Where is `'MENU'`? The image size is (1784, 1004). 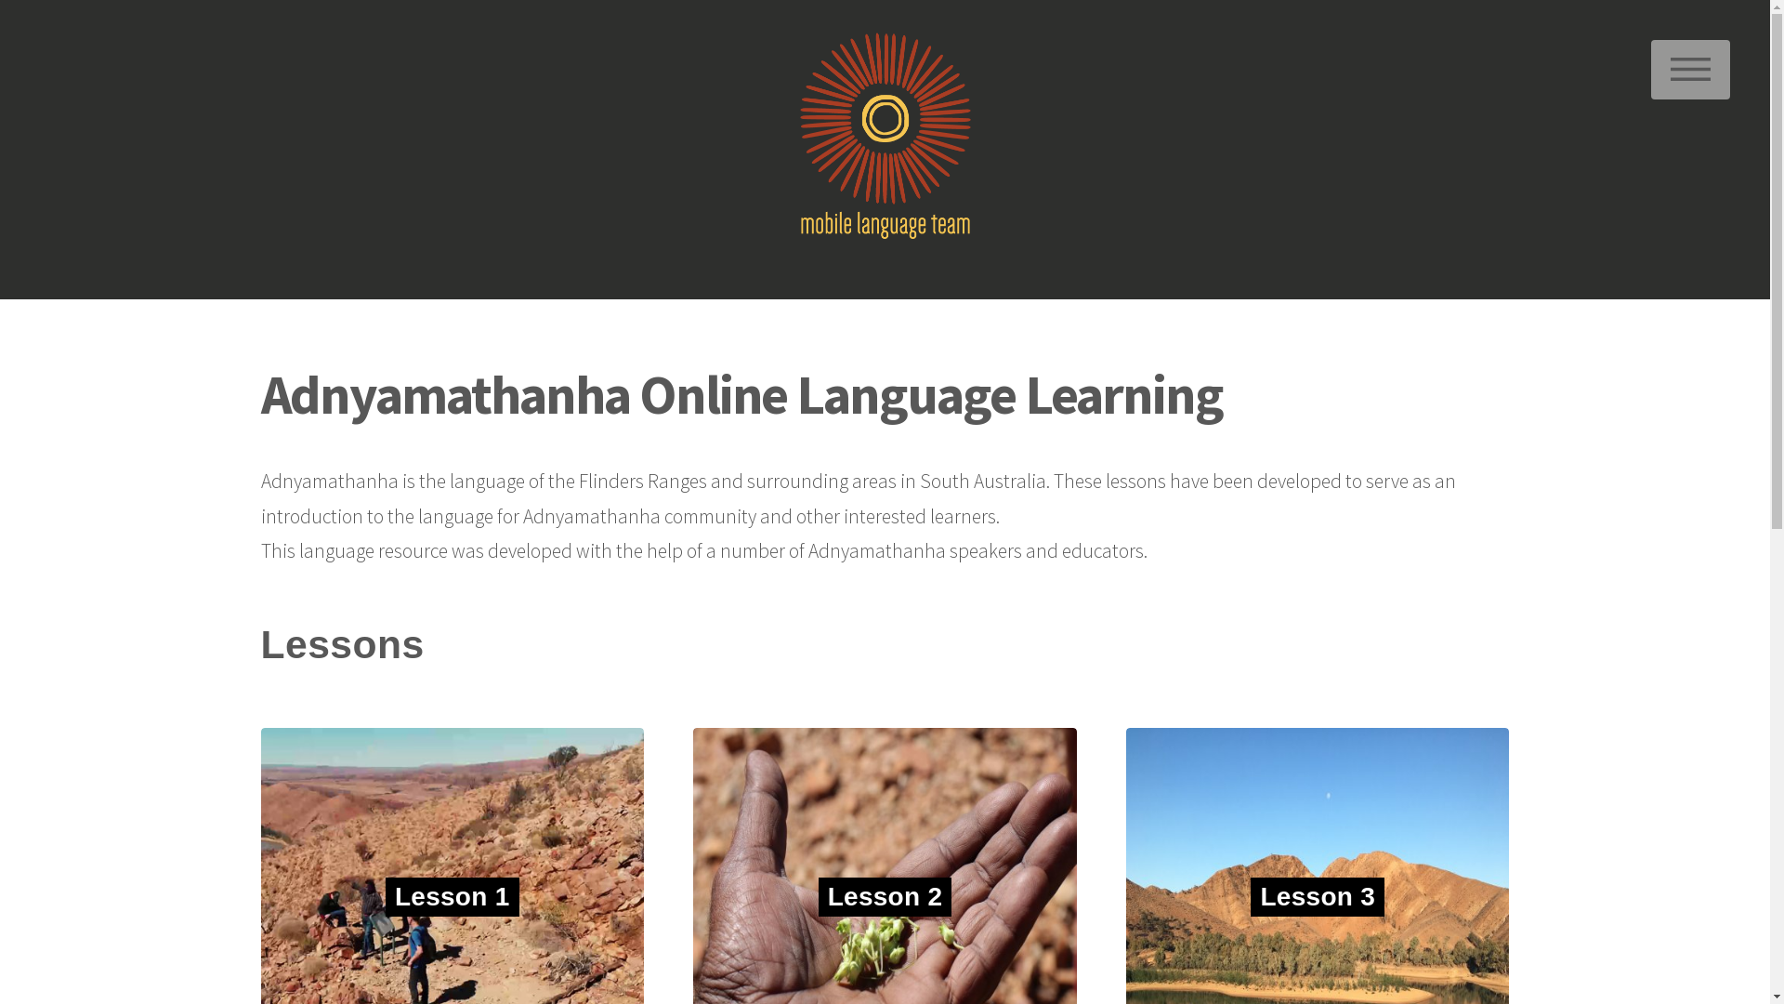 'MENU' is located at coordinates (1690, 68).